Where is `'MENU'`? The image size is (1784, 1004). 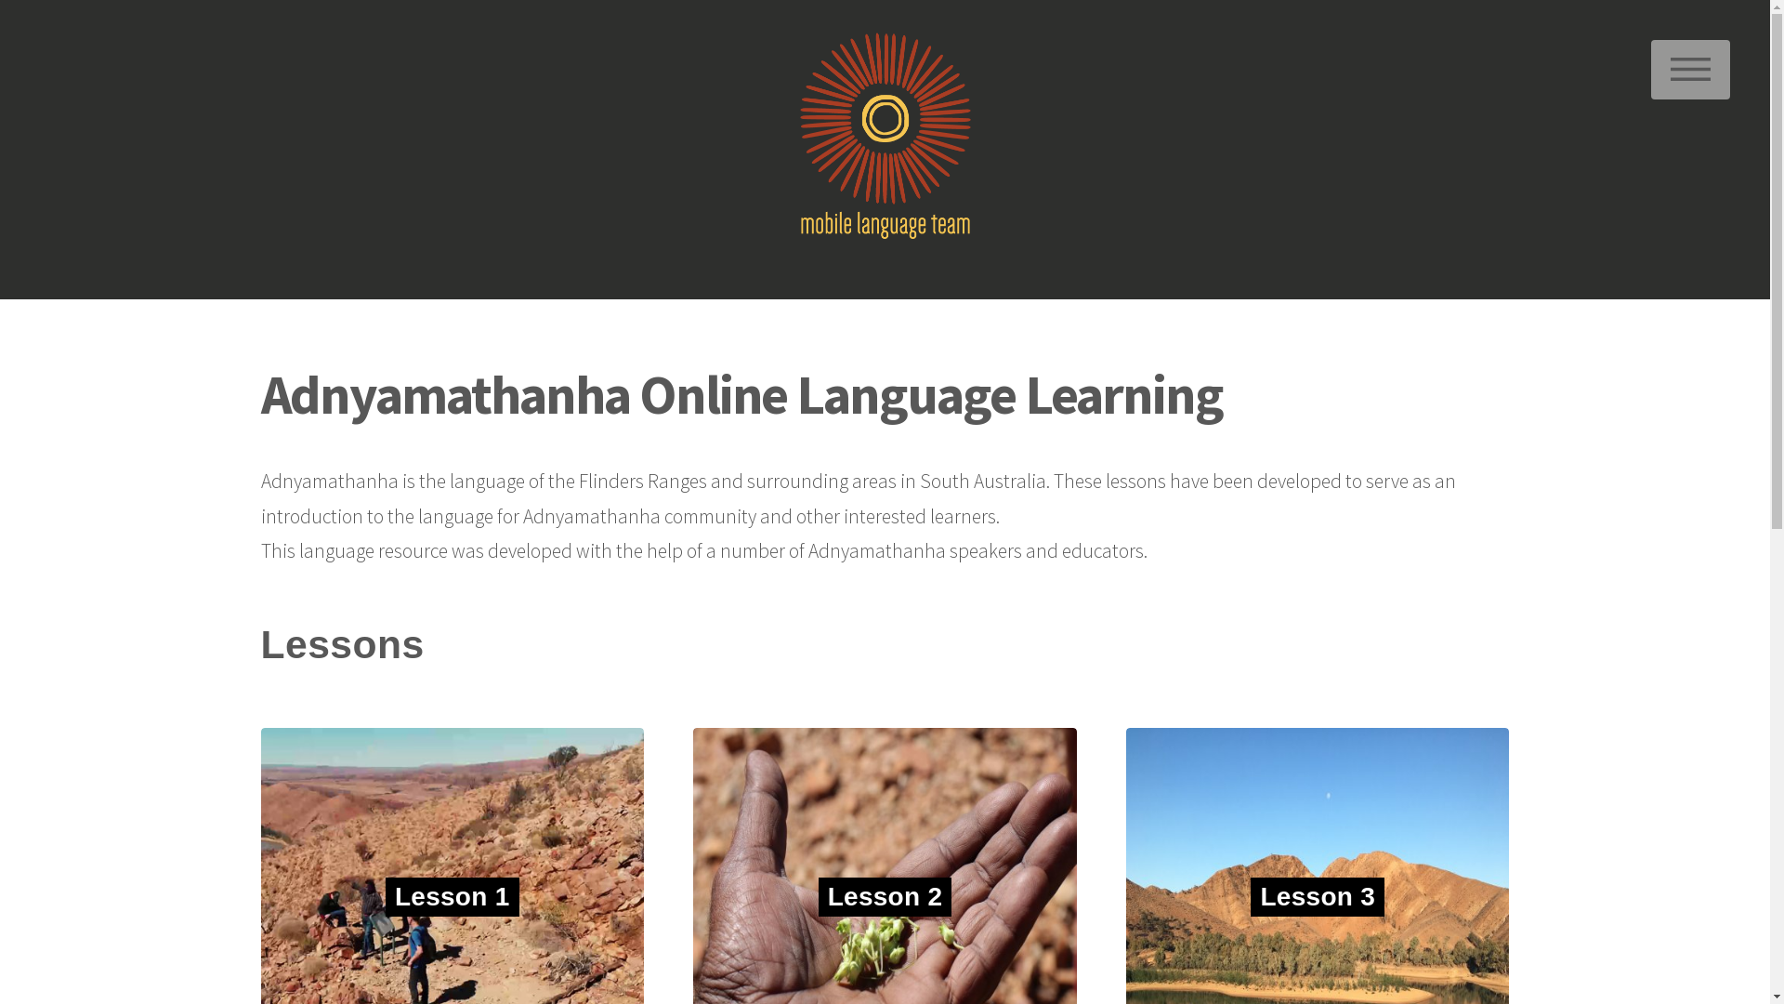 'MENU' is located at coordinates (1690, 68).